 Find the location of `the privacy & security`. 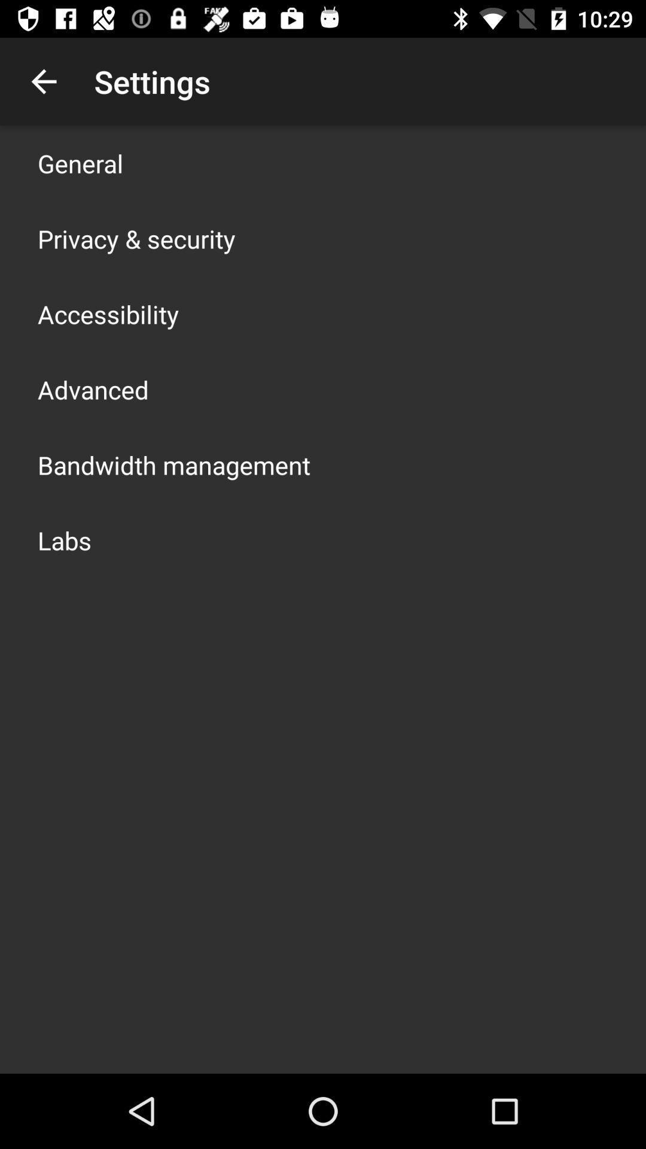

the privacy & security is located at coordinates (136, 238).